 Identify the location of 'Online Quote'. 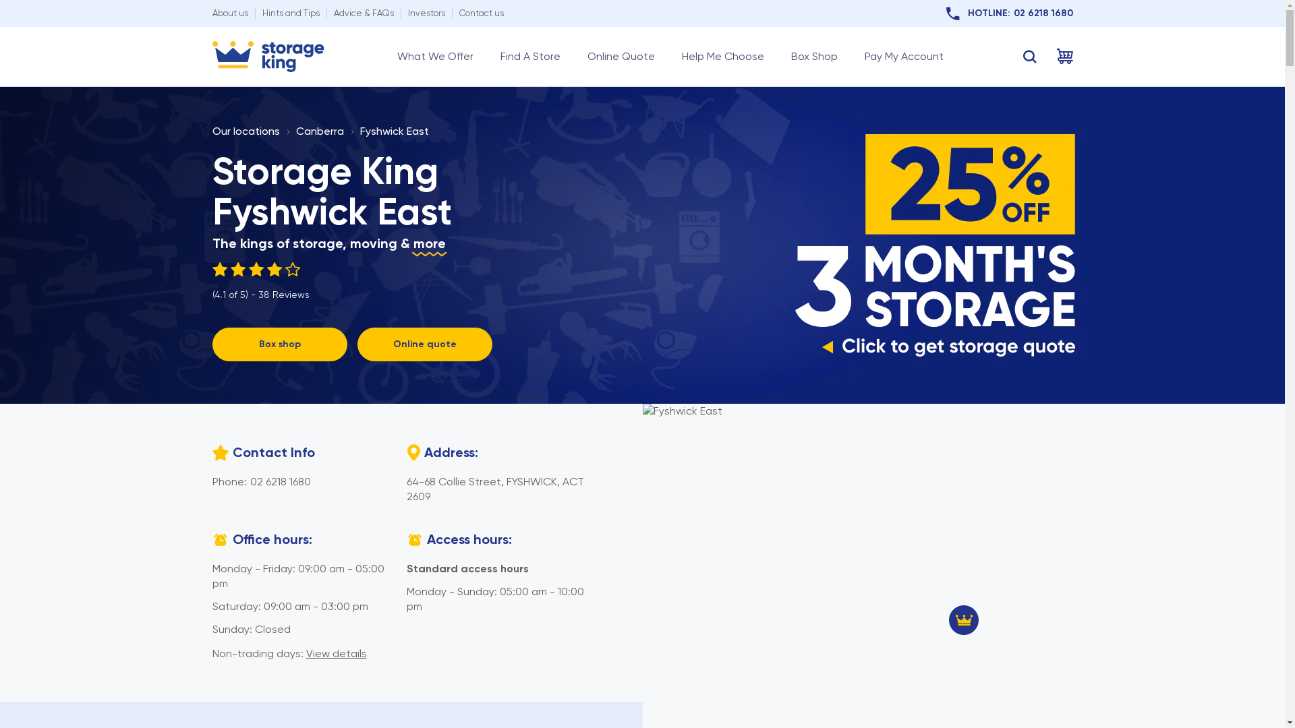
(620, 56).